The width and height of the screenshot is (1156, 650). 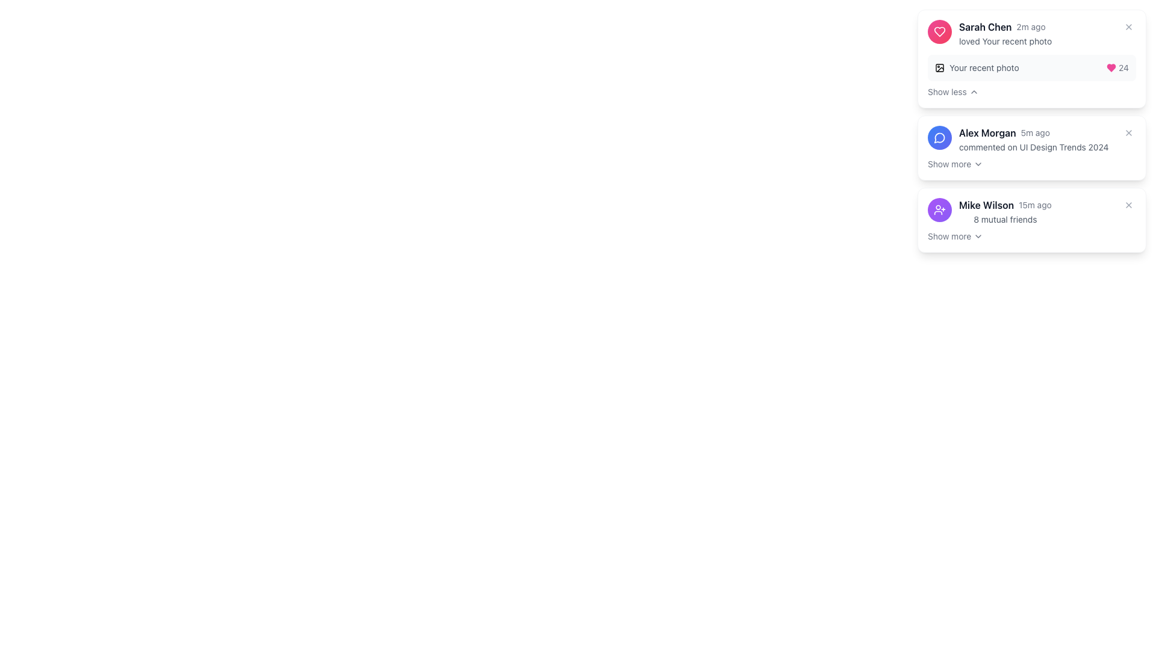 I want to click on the small circular icon styled like a speech bubble, with a gradient background from blue to indigo, located in the rightmost panel at the top of the notification for 'Alex Morgan', so click(x=939, y=137).